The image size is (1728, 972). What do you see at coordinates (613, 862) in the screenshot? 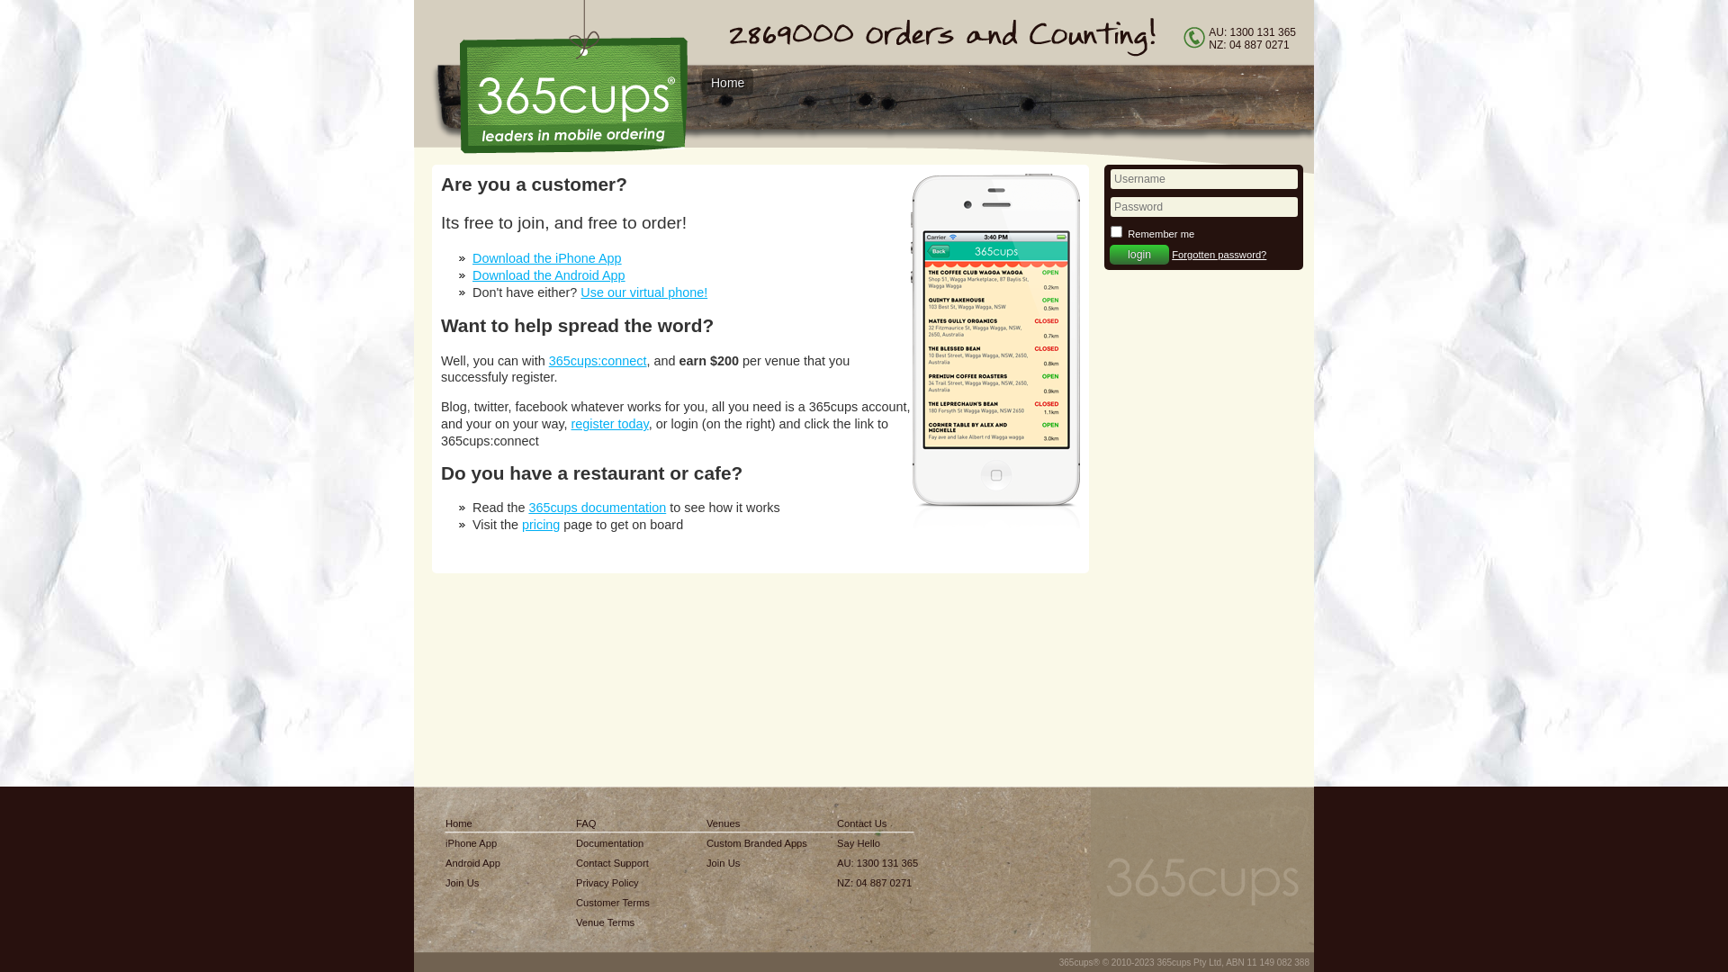
I see `'Contact Support'` at bounding box center [613, 862].